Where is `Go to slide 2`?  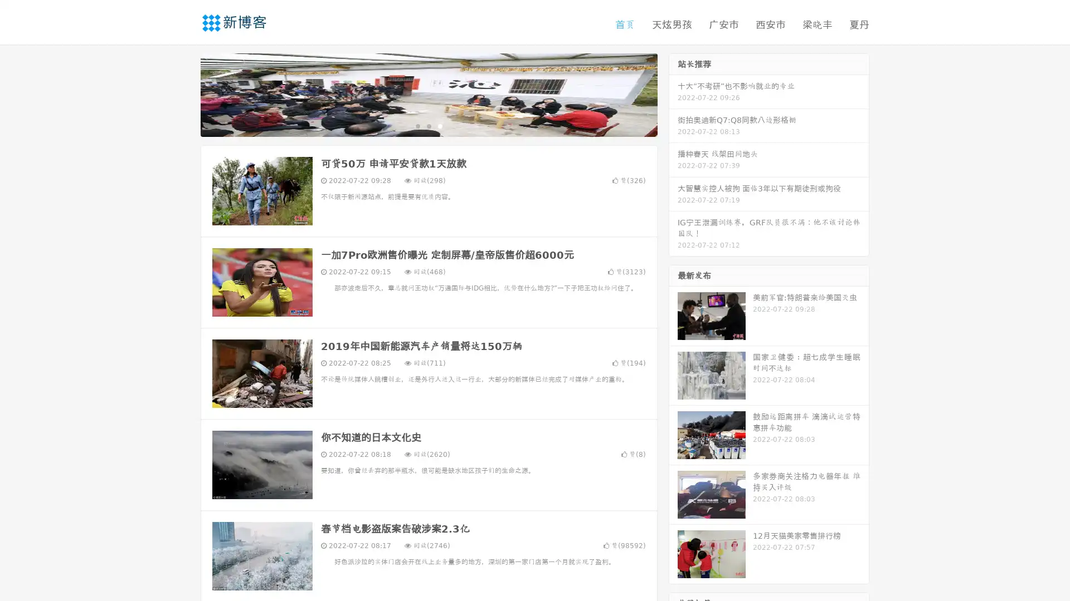
Go to slide 2 is located at coordinates (428, 125).